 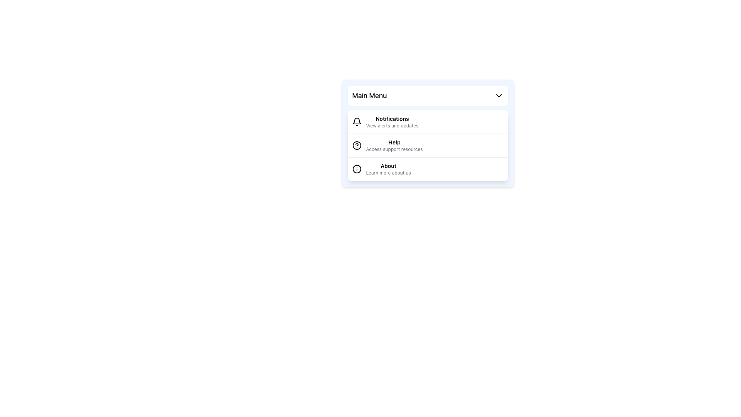 I want to click on the 'Help' text label in the dropdown menu that describes accessing support resources, which is located under 'Notifications' and above 'About', so click(x=394, y=146).